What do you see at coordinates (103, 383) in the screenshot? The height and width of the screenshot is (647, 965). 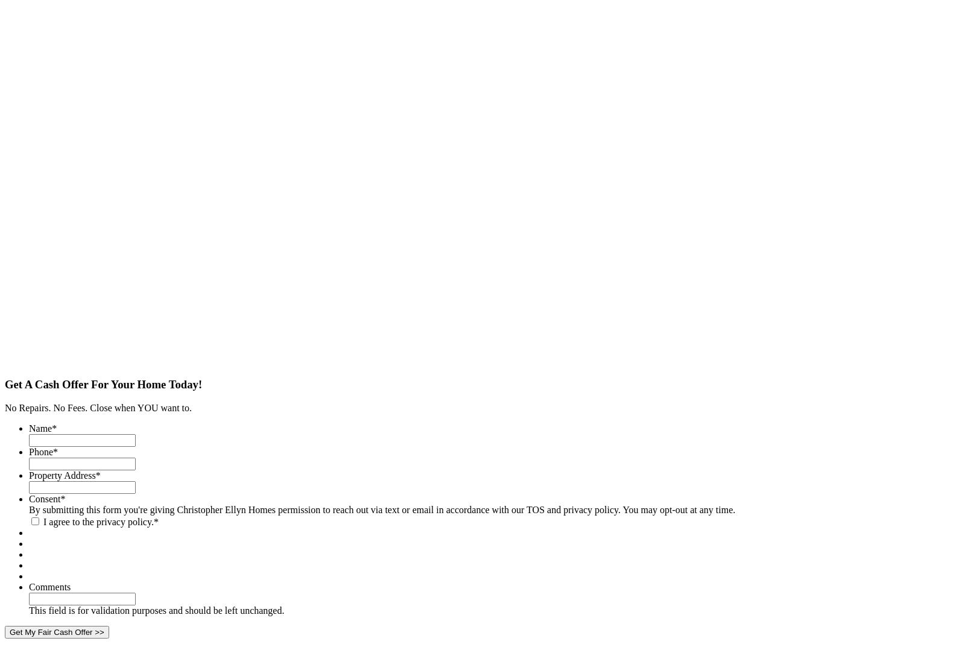 I see `'Get A Cash Offer For Your Home Today!'` at bounding box center [103, 383].